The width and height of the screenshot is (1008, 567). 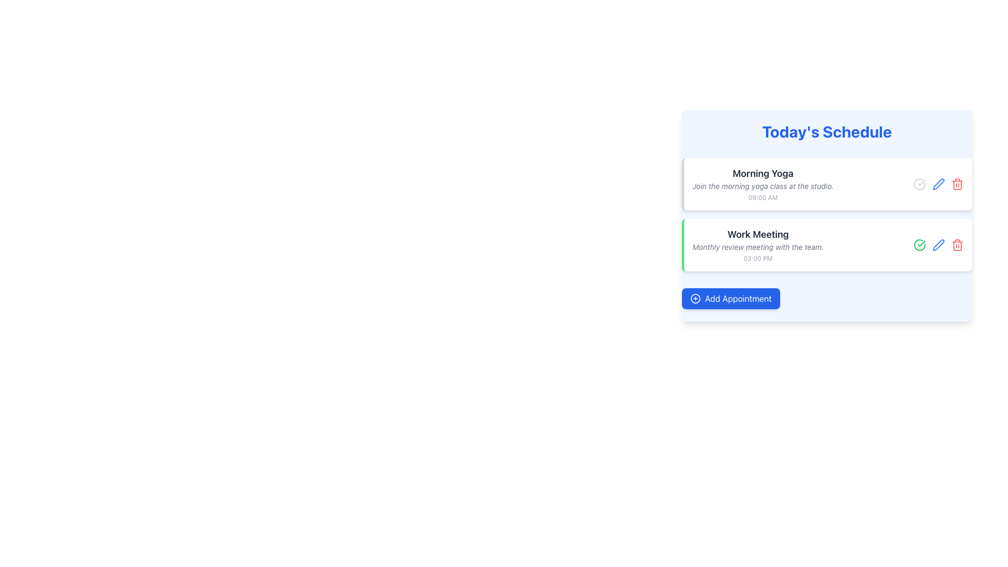 I want to click on the blue circular boundary of the '+' icon within the 'Today's Schedule' button, so click(x=695, y=299).